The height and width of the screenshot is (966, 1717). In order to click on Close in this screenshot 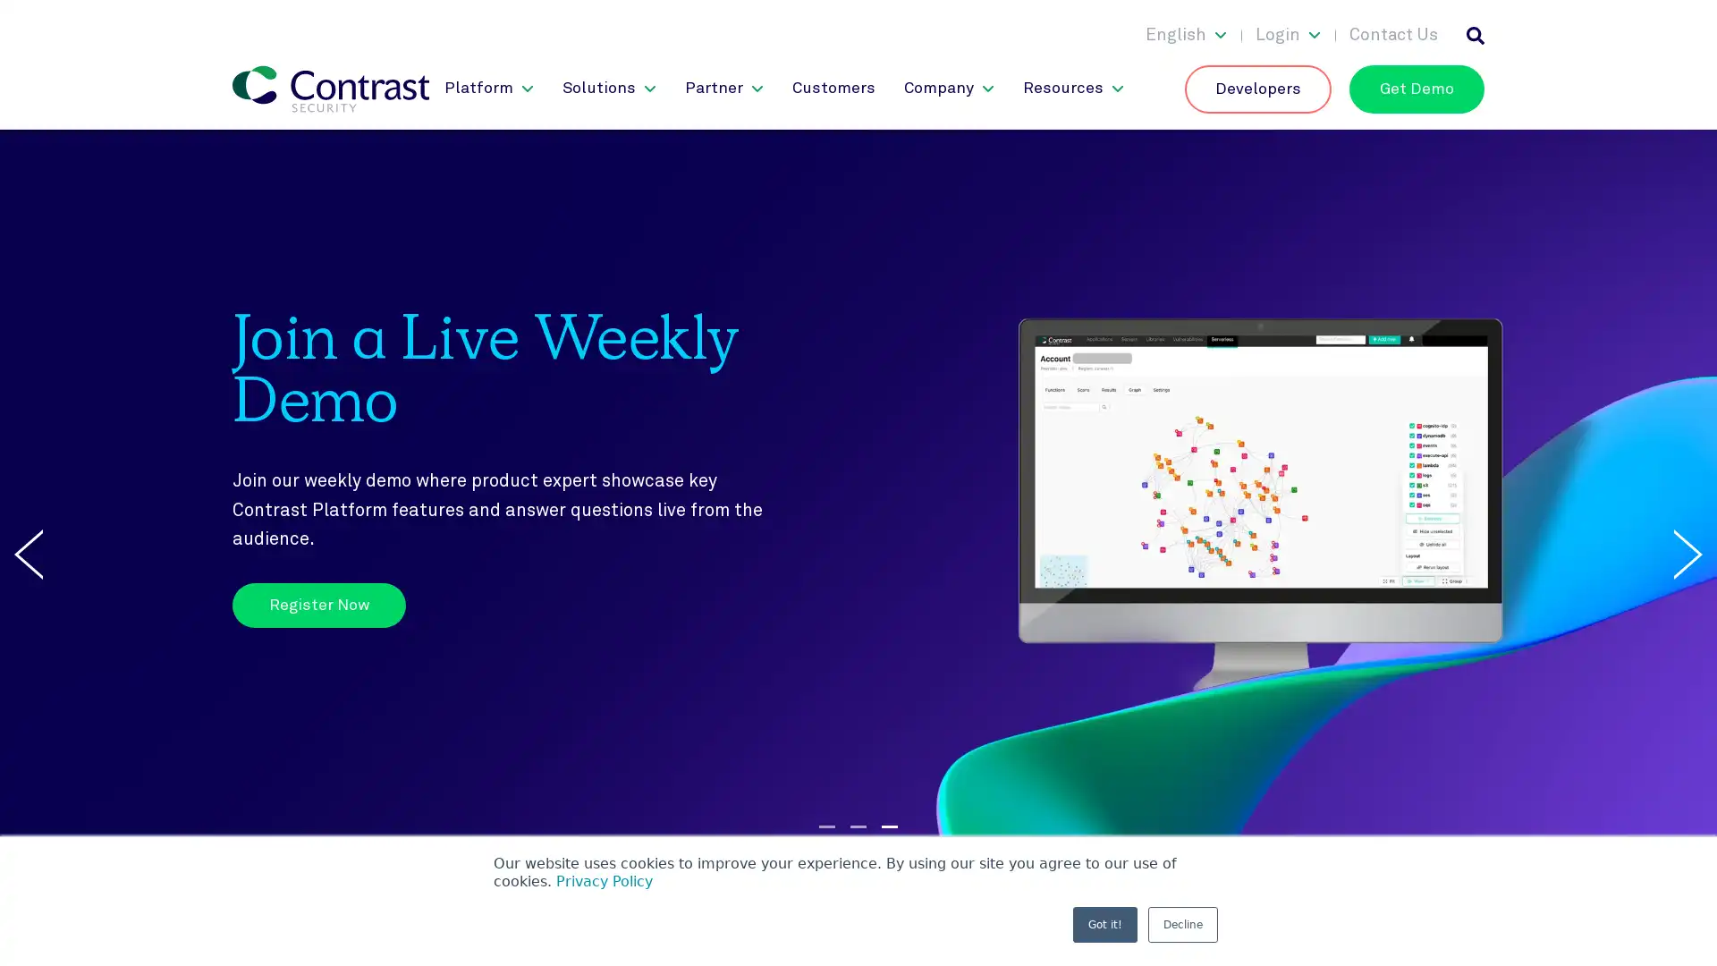, I will do `click(1686, 24)`.